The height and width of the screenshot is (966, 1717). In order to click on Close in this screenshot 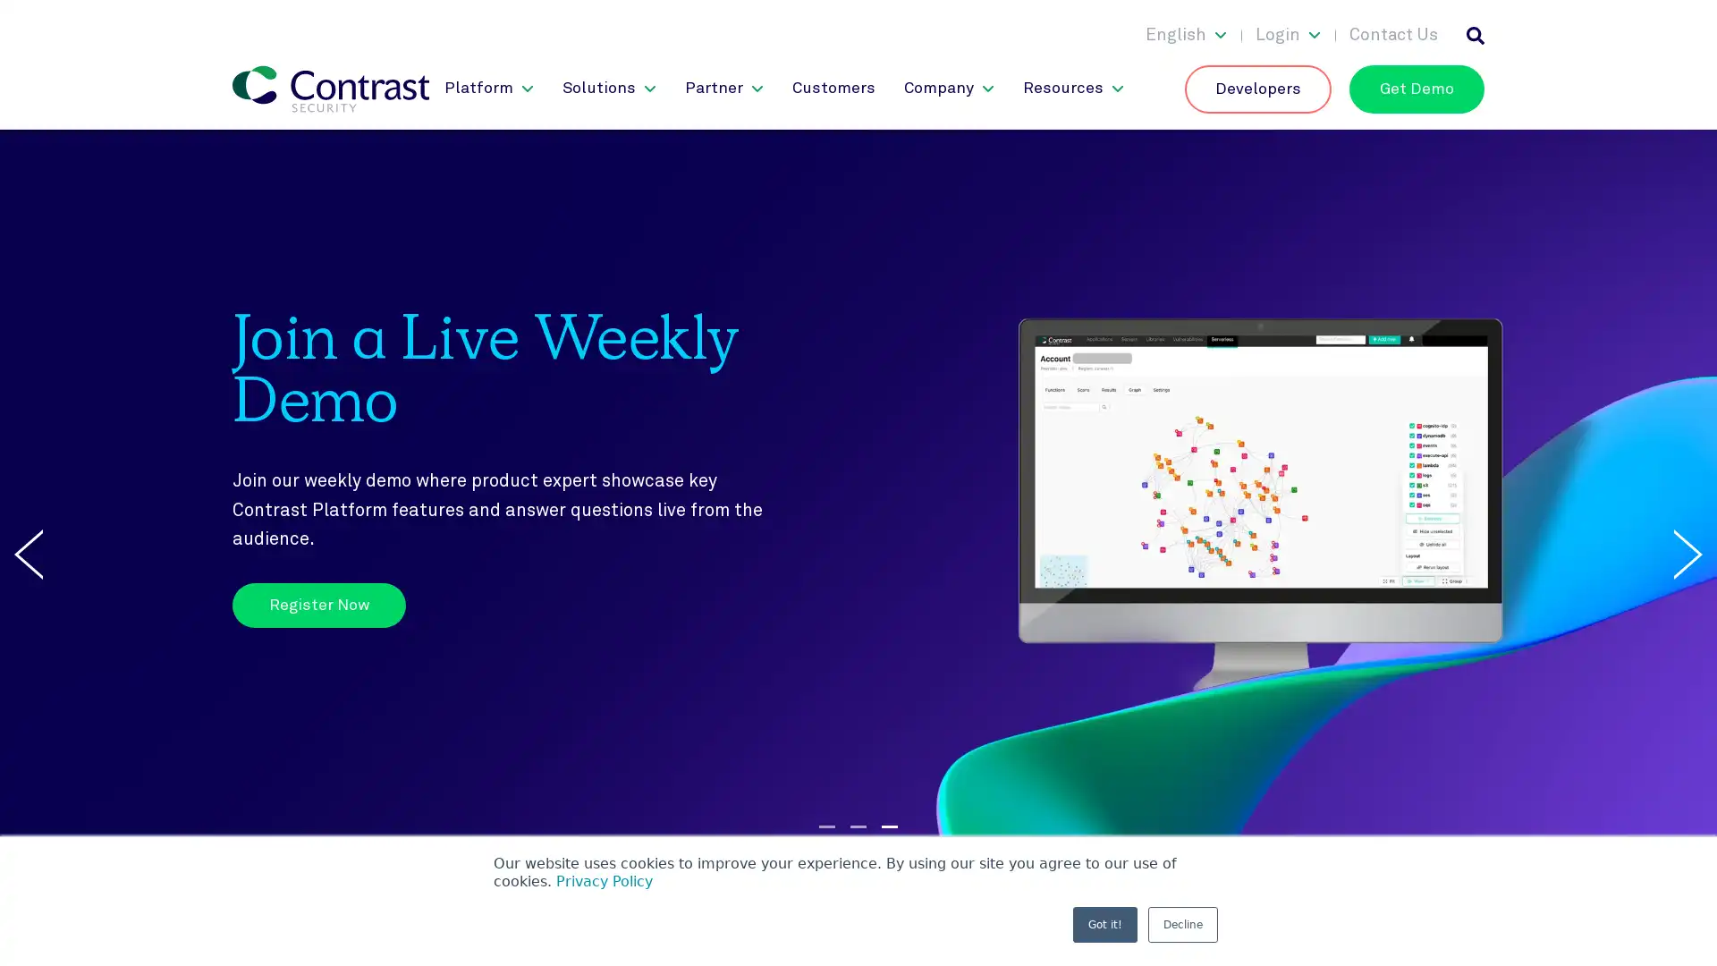, I will do `click(1686, 24)`.